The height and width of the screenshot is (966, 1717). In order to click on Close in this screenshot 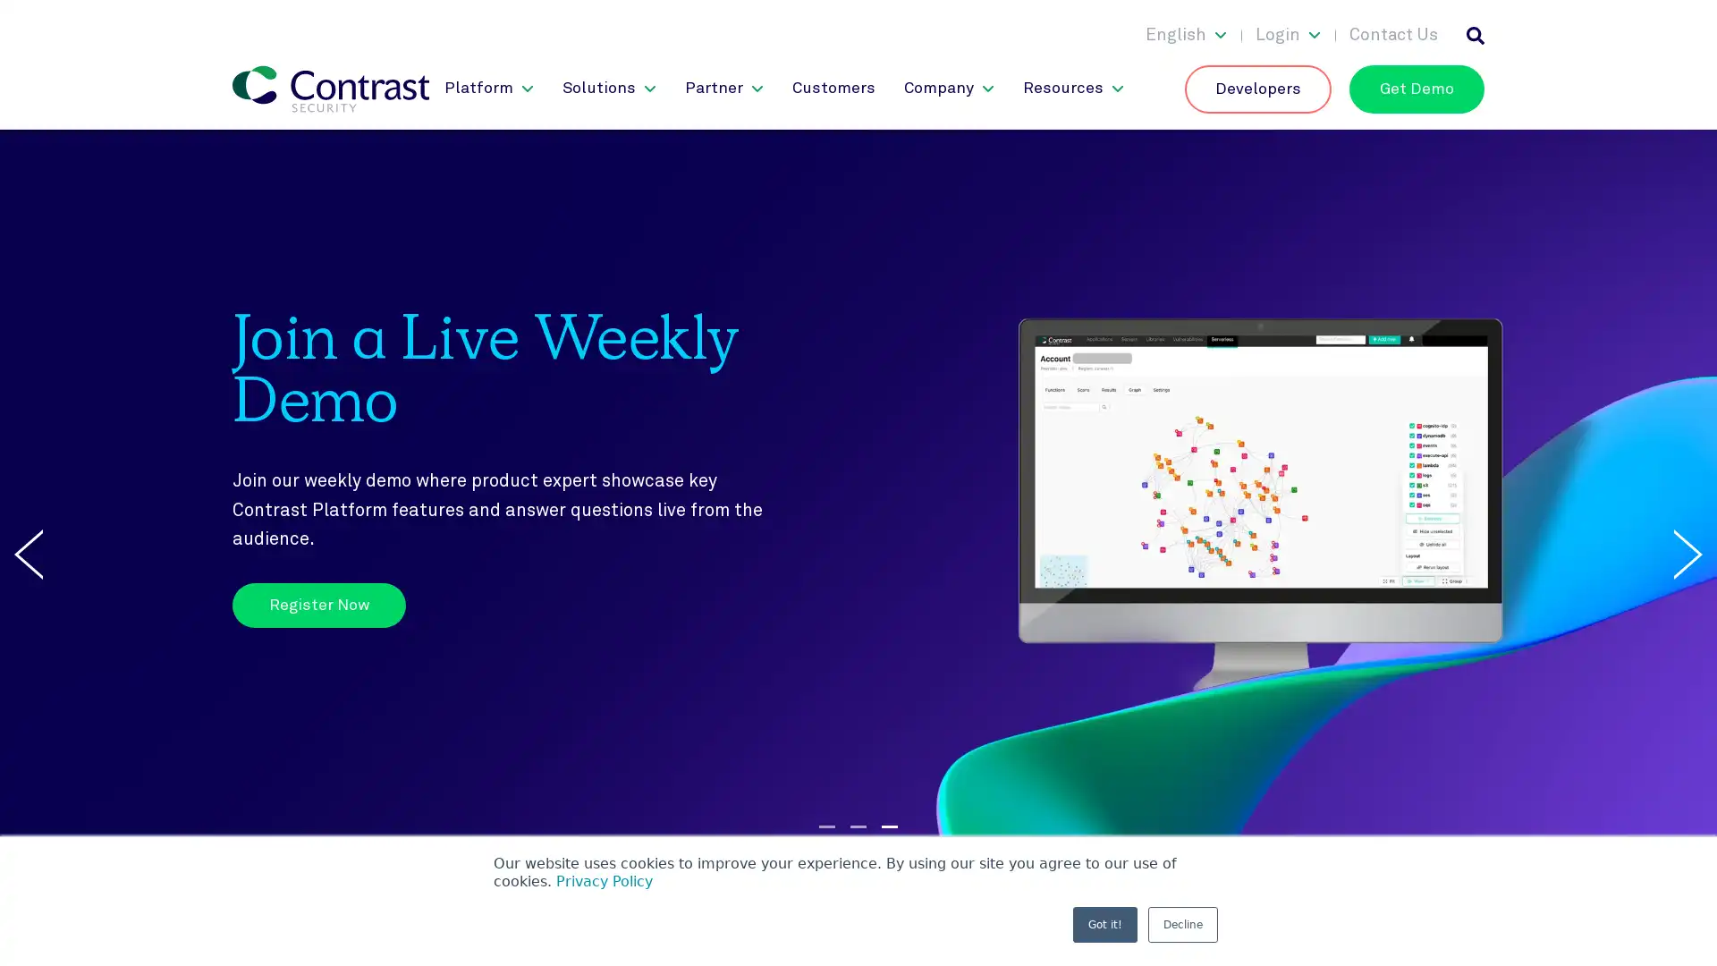, I will do `click(1686, 24)`.